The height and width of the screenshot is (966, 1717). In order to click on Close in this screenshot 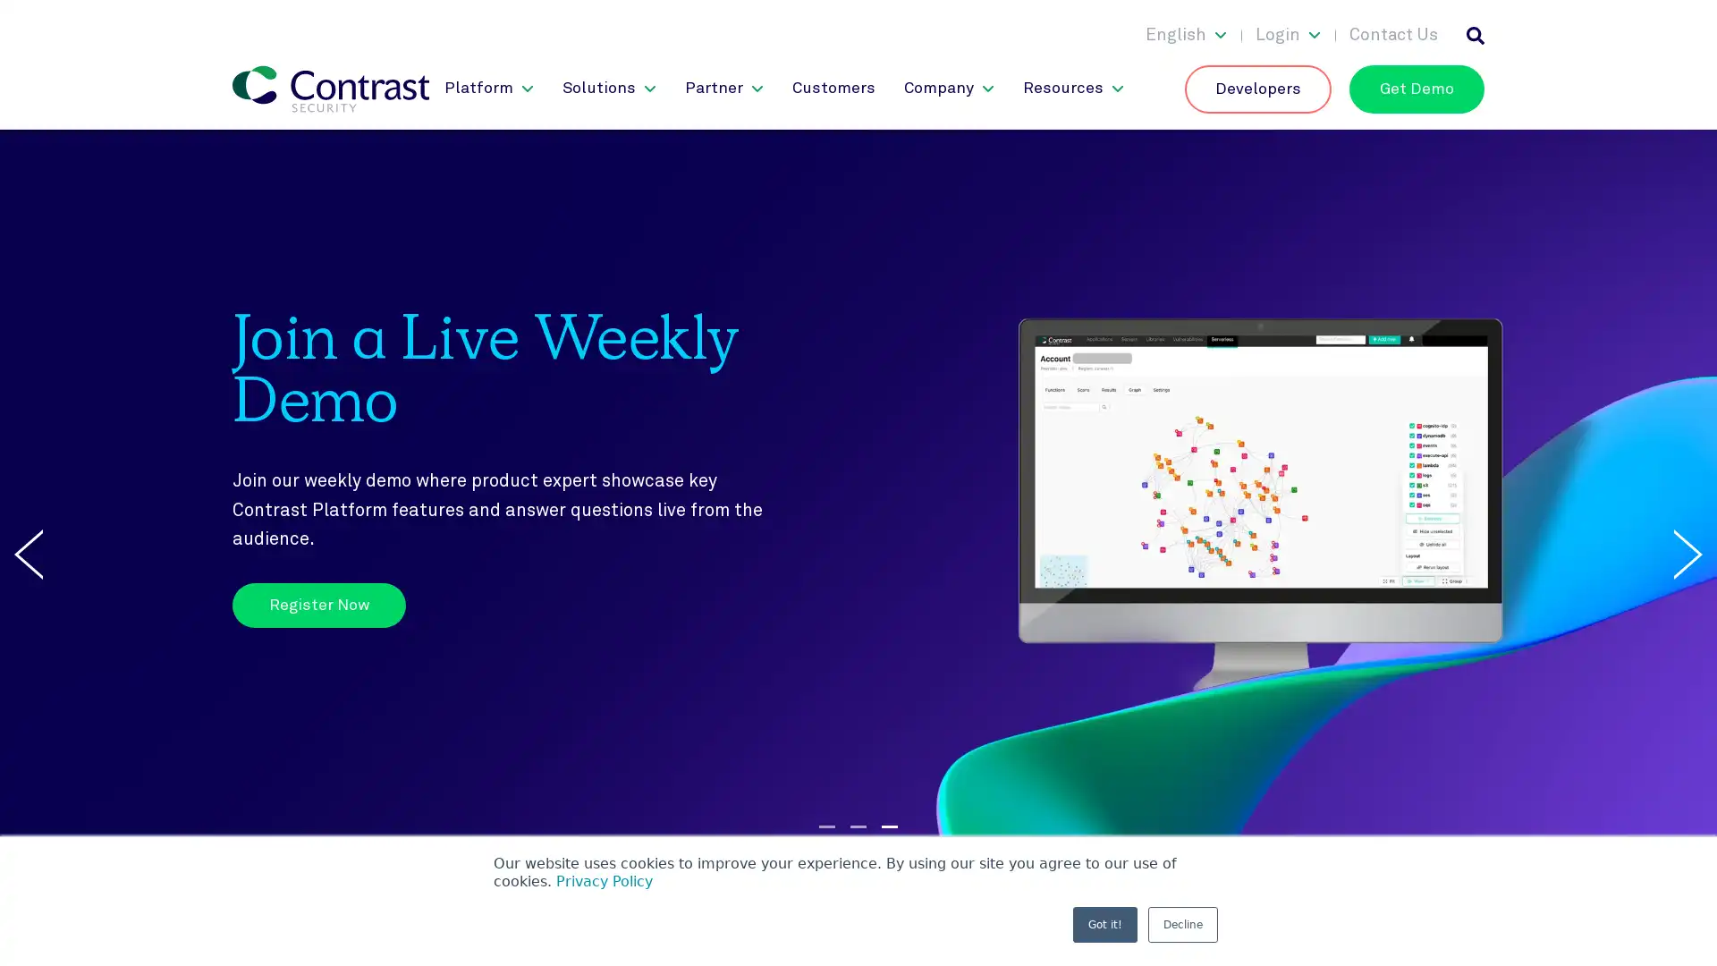, I will do `click(1686, 24)`.